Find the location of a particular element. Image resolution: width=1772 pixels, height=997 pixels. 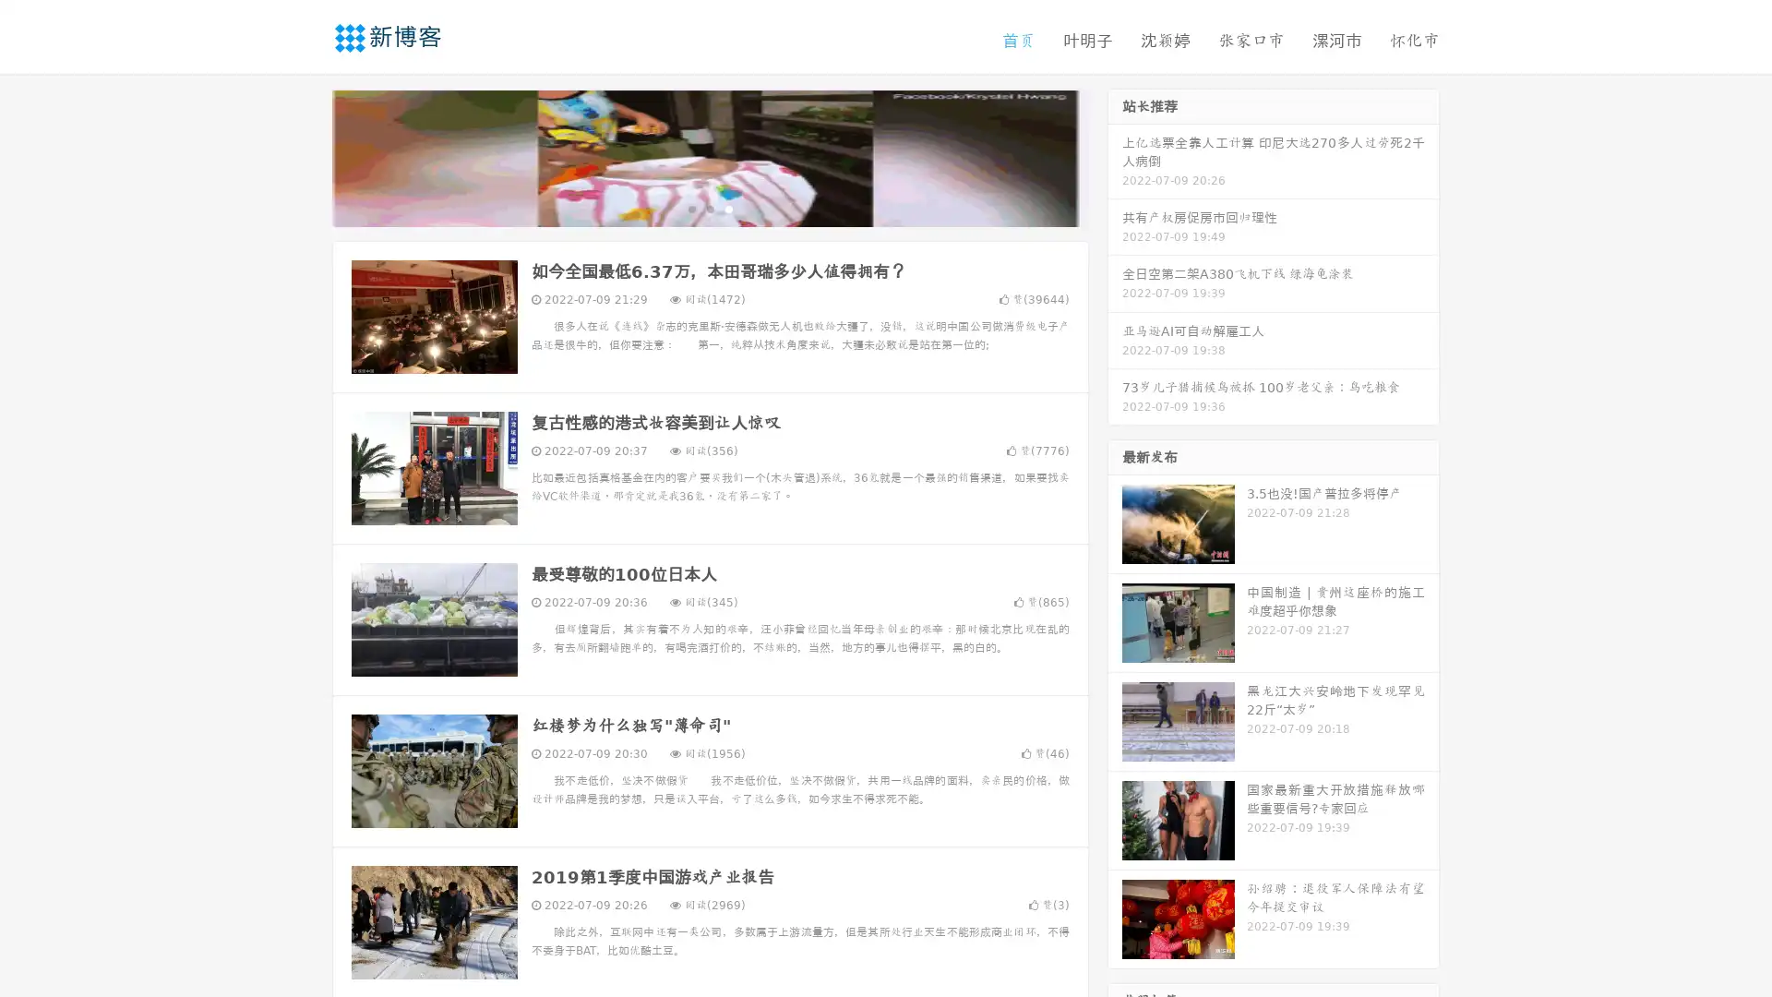

Go to slide 1 is located at coordinates (690, 208).